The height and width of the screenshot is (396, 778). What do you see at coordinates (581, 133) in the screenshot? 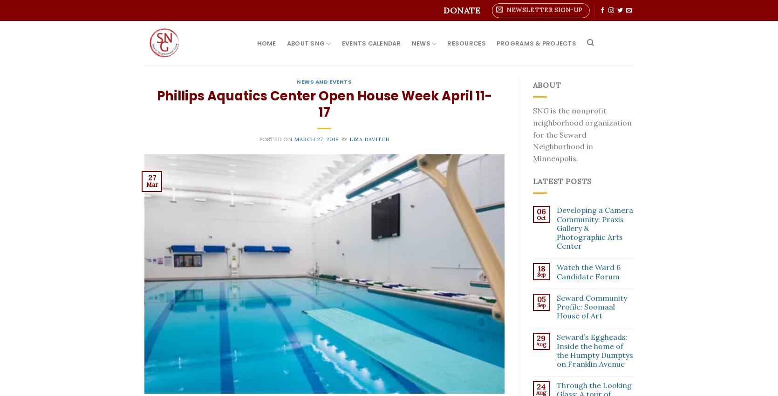
I see `'SNG is the nonprofit neighborhood organization for the Seward Neighborhood in Minneapolis.'` at bounding box center [581, 133].